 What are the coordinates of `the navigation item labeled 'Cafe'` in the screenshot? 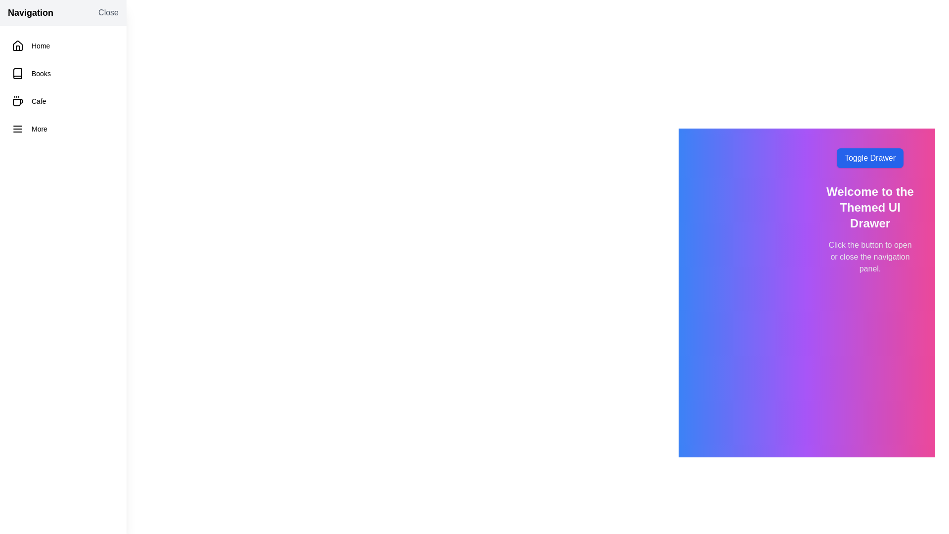 It's located at (63, 101).